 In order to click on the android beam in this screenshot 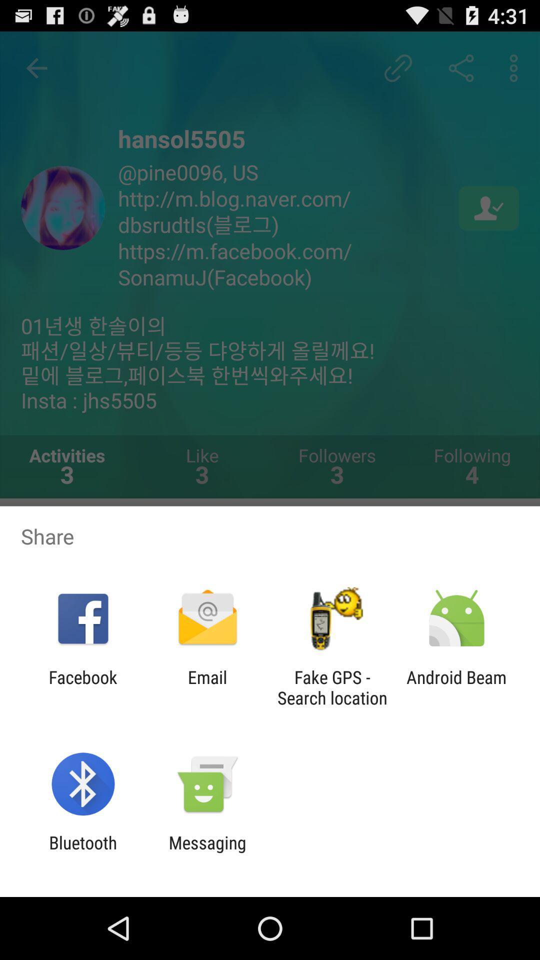, I will do `click(456, 687)`.